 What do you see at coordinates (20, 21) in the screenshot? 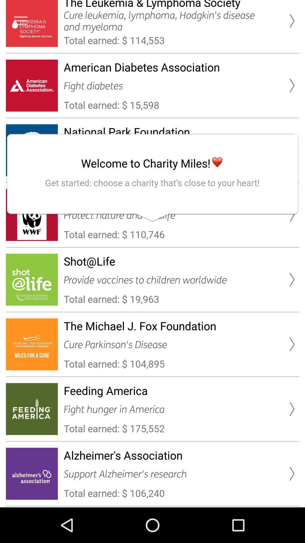
I see `opens the charity campaign` at bounding box center [20, 21].